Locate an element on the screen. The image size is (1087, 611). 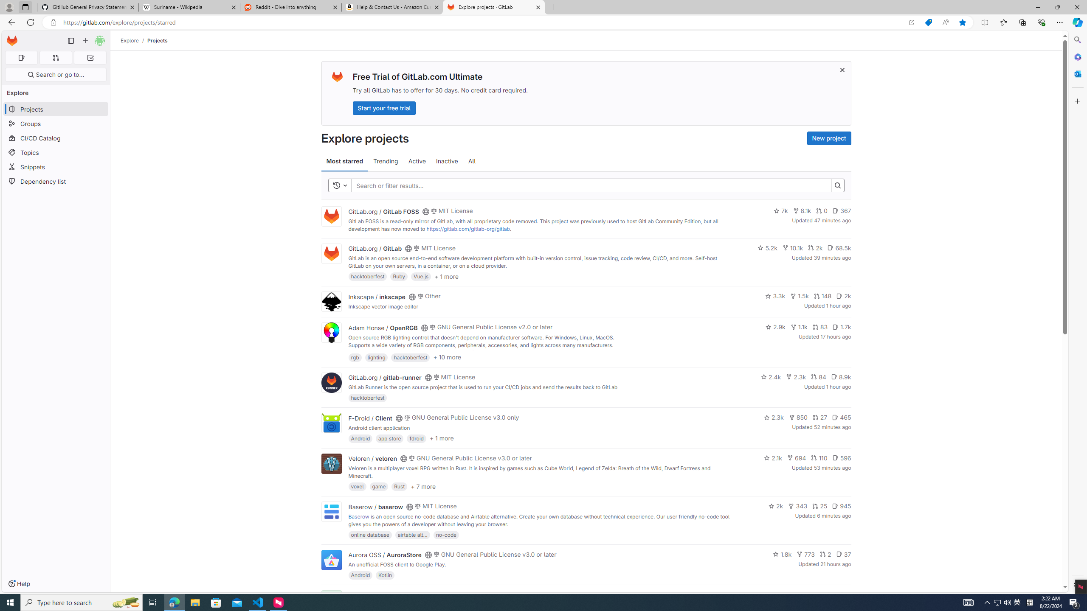
'F-Droid / Client' is located at coordinates (370, 418).